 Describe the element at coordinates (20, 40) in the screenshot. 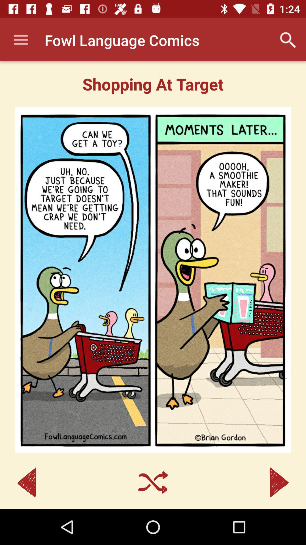

I see `icon at the top left corner` at that location.